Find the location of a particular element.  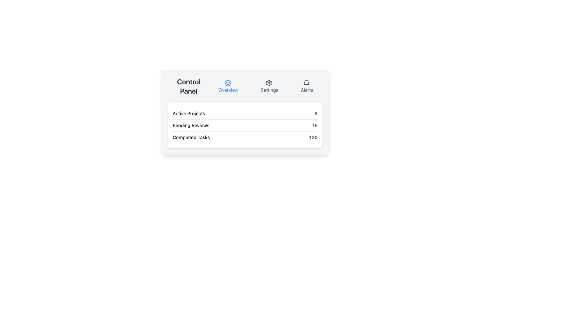

the text label reading 'Pending Reviews', which is positioned within a list of items in a structured information panel is located at coordinates (191, 125).